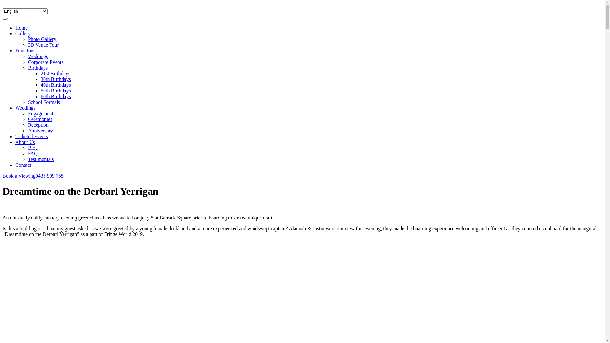 Image resolution: width=610 pixels, height=343 pixels. Describe the element at coordinates (56, 91) in the screenshot. I see `'50th Birthdays'` at that location.